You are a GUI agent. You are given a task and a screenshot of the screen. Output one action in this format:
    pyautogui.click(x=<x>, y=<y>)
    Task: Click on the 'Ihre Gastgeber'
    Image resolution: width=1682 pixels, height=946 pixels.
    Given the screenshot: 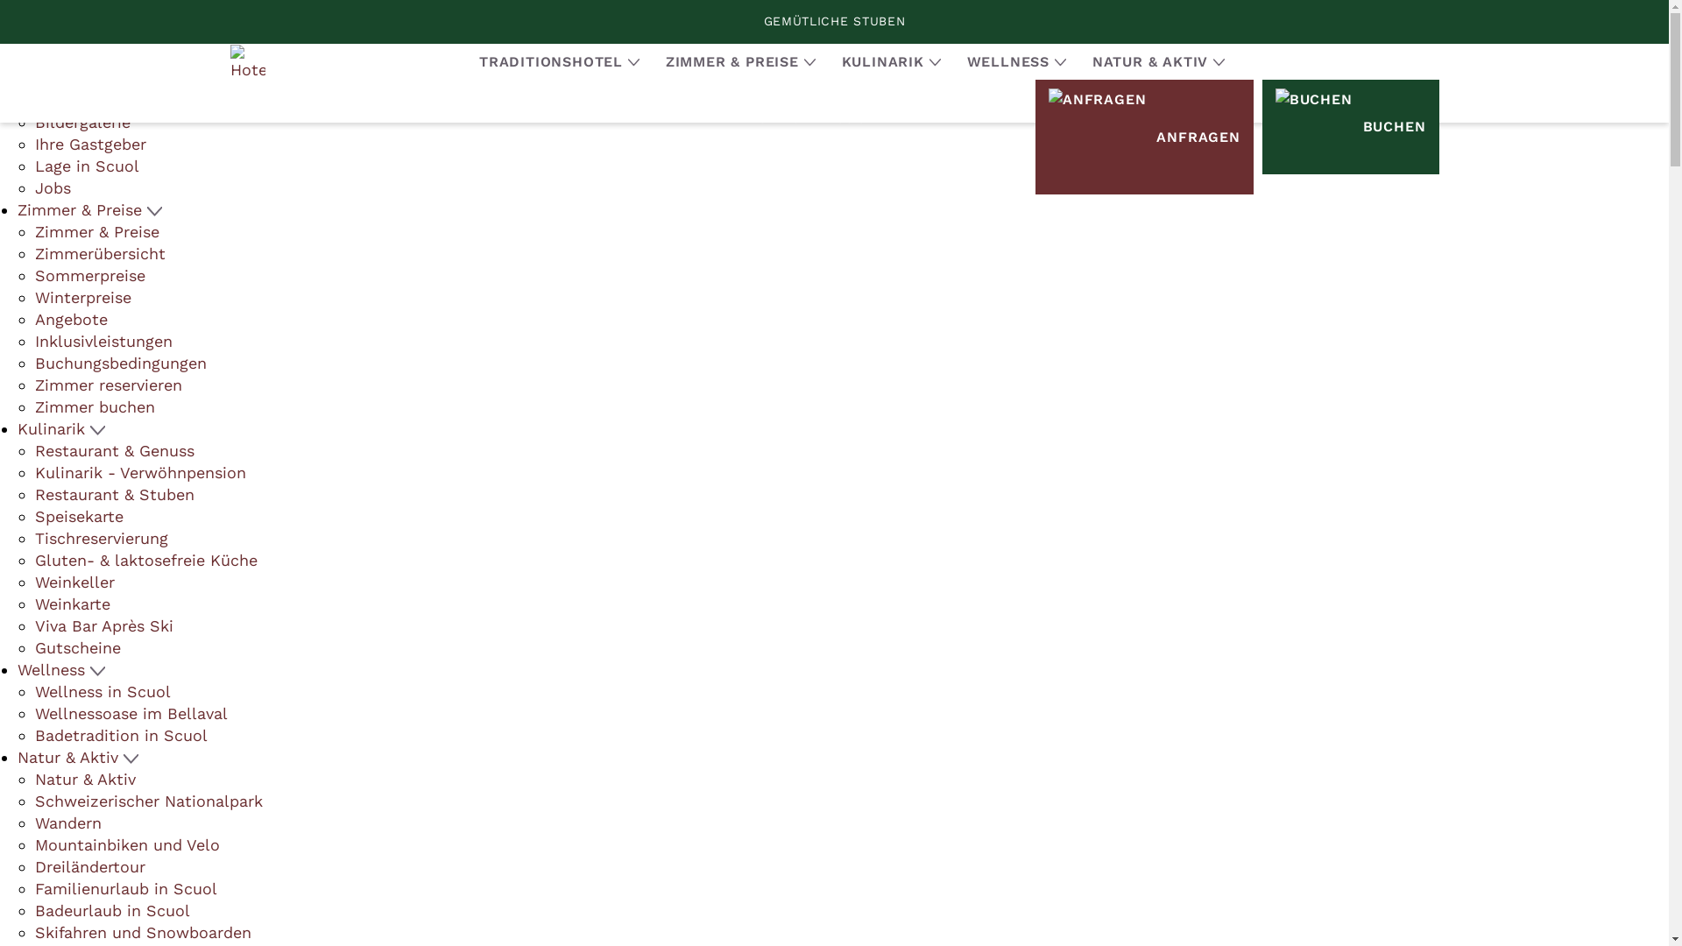 What is the action you would take?
    pyautogui.click(x=89, y=143)
    